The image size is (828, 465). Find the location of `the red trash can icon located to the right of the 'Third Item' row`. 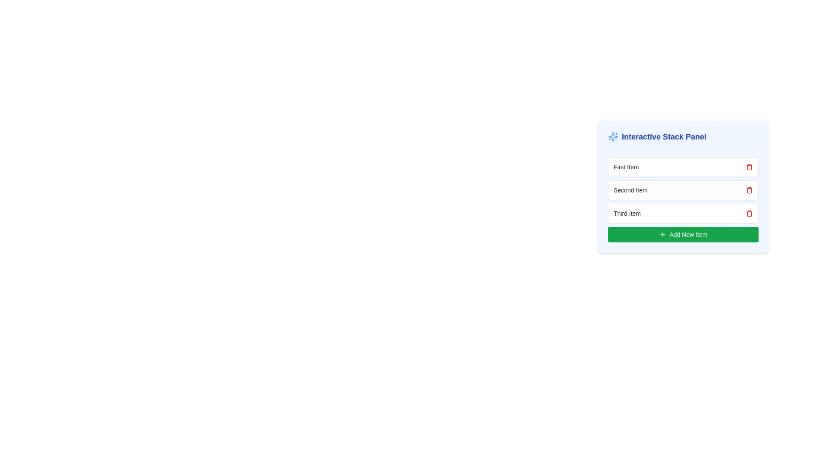

the red trash can icon located to the right of the 'Third Item' row is located at coordinates (749, 213).